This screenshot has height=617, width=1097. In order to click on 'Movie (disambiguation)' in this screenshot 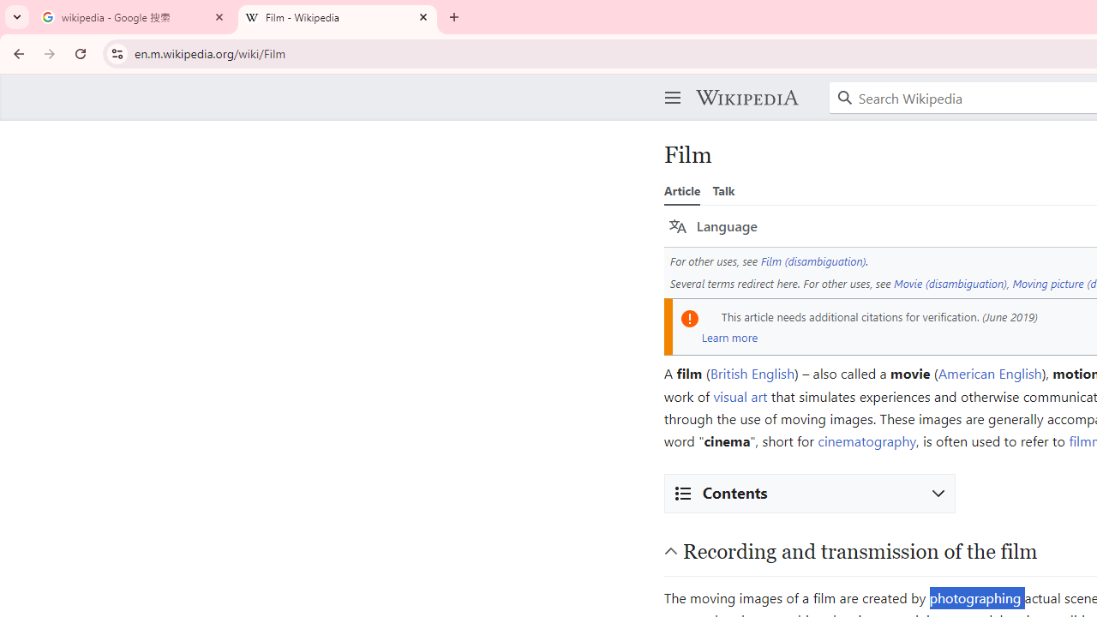, I will do `click(950, 282)`.